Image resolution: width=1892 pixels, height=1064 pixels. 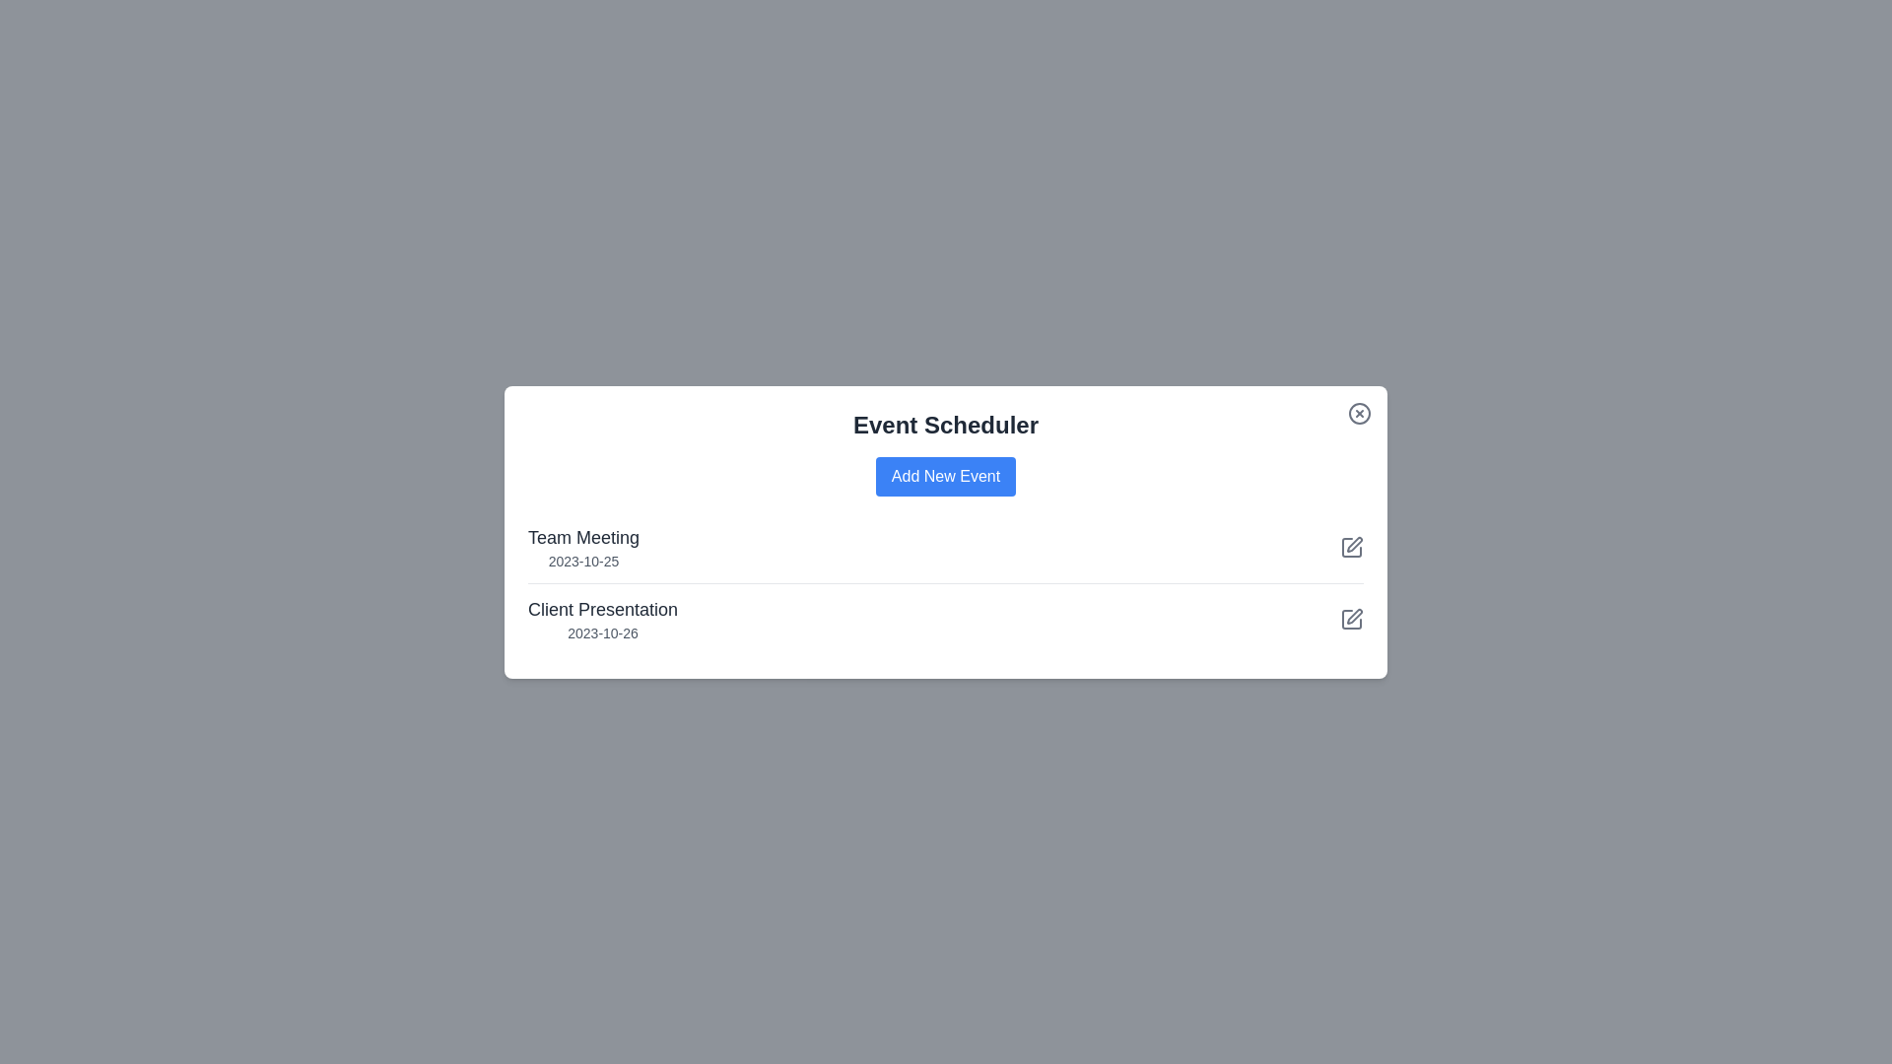 What do you see at coordinates (602, 618) in the screenshot?
I see `the event entry displaying the title 'Client Presentation' and the date '2023-10-26' if interactivity is added` at bounding box center [602, 618].